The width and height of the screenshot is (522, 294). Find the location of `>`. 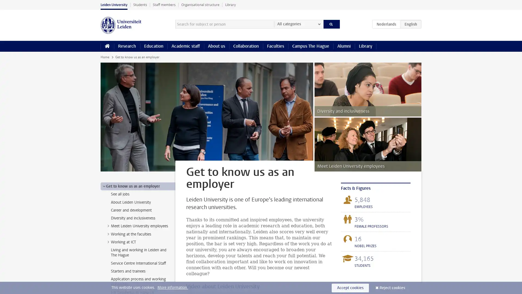

> is located at coordinates (108, 241).